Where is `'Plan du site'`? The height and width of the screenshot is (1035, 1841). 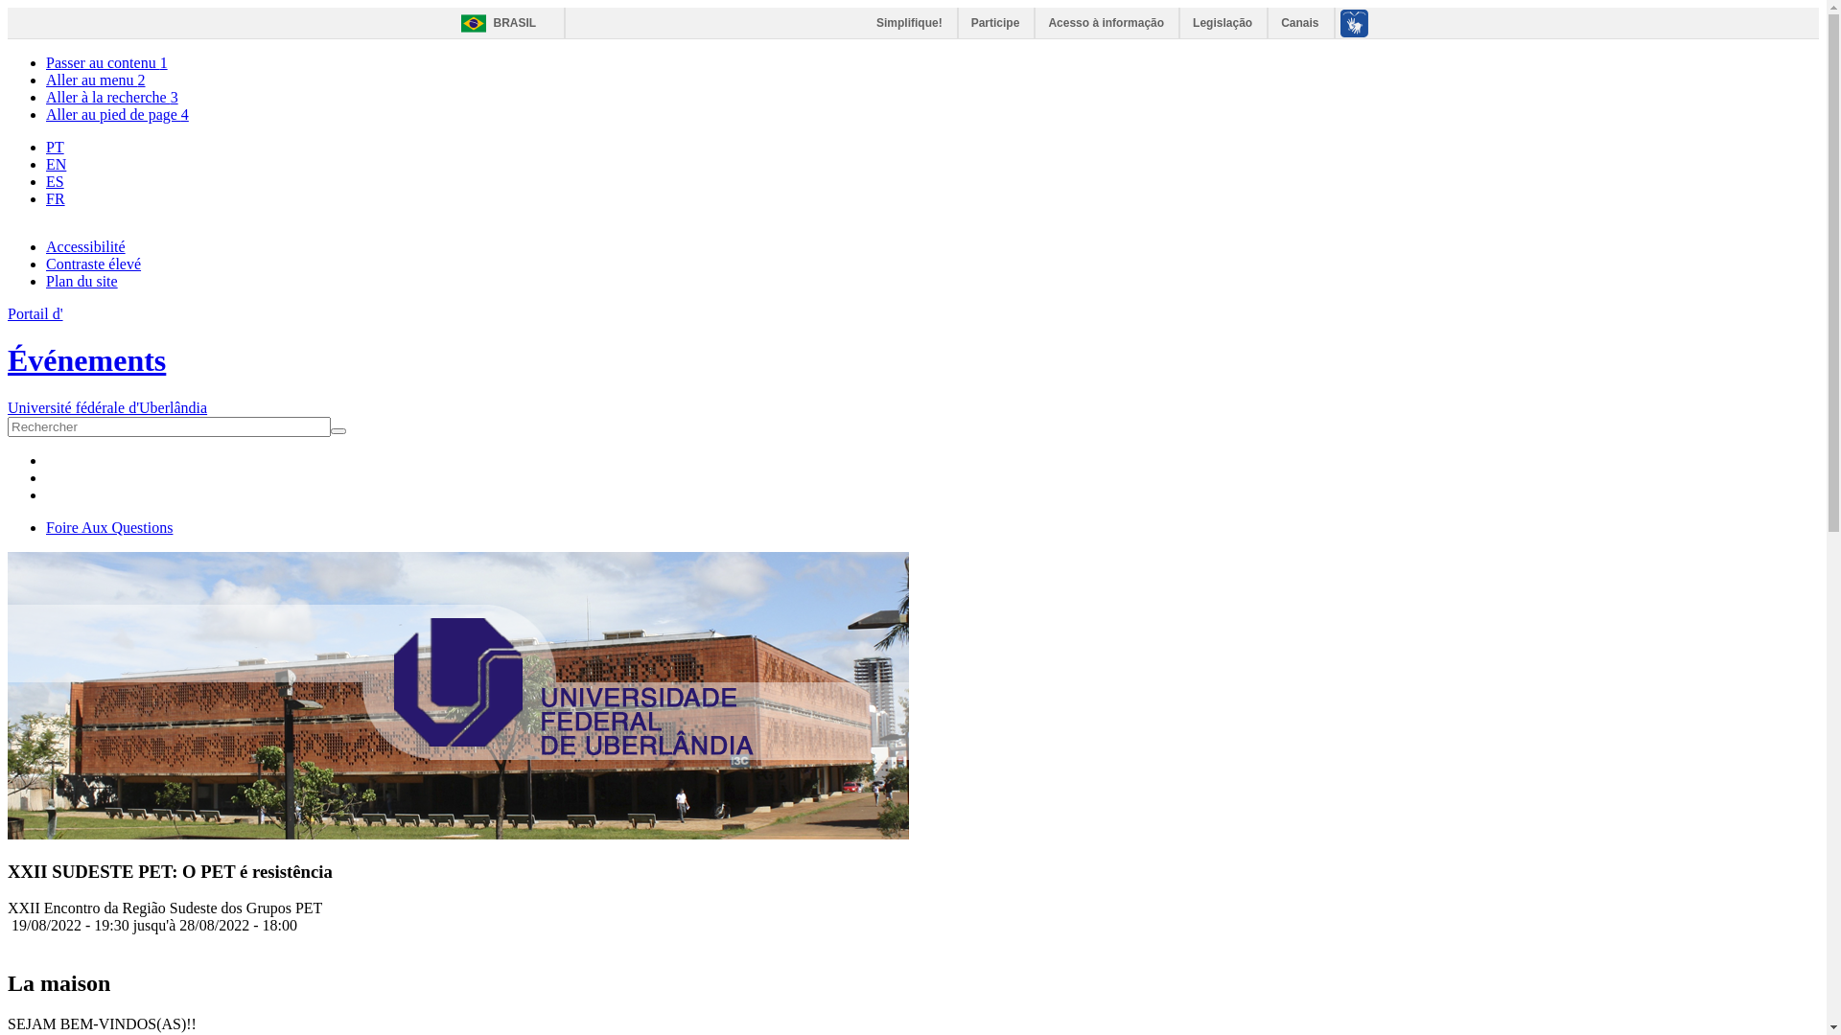
'Plan du site' is located at coordinates (81, 281).